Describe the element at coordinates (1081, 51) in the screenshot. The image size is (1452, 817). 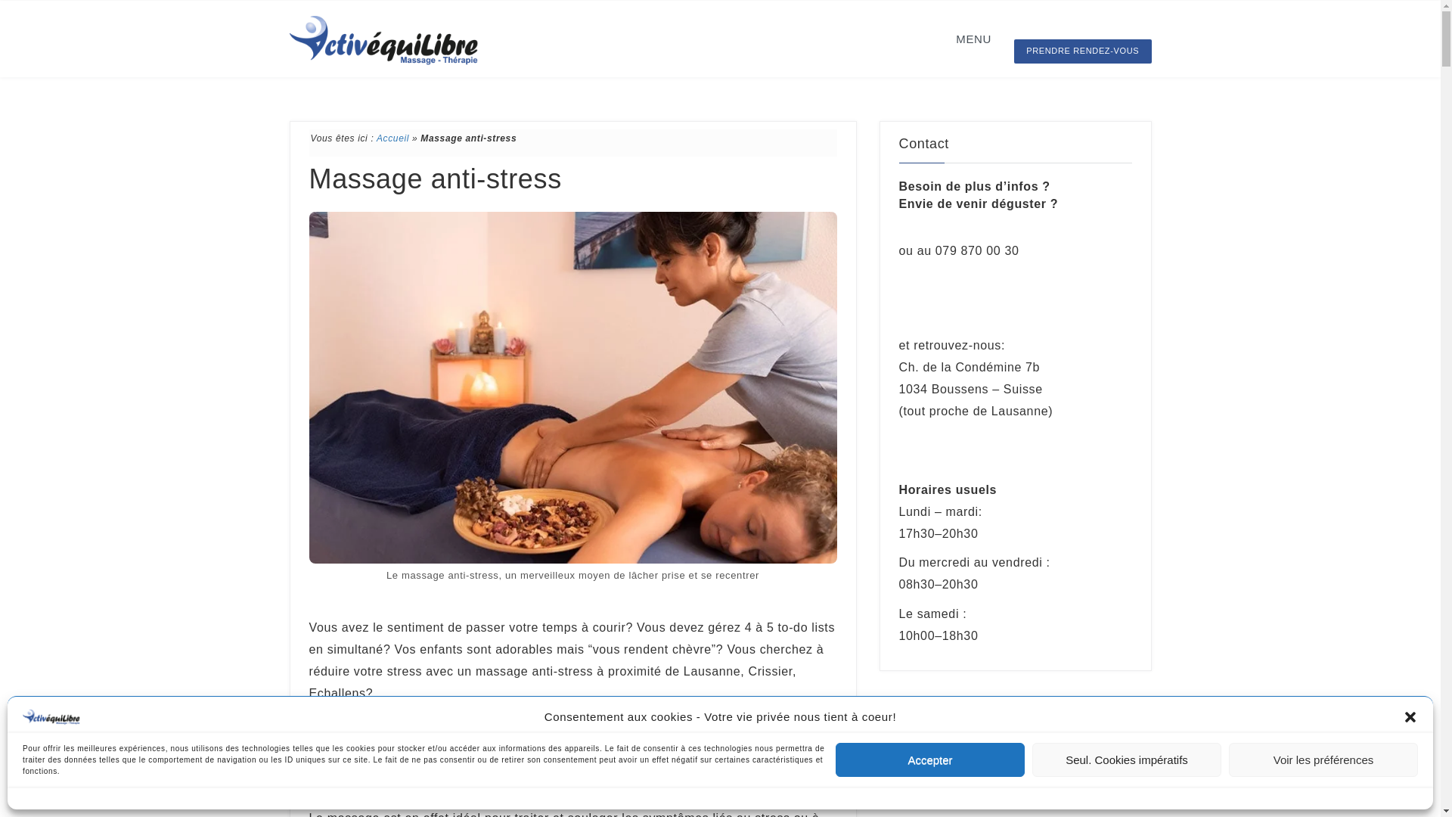
I see `'PRENDRE RENDEZ-VOUS'` at that location.